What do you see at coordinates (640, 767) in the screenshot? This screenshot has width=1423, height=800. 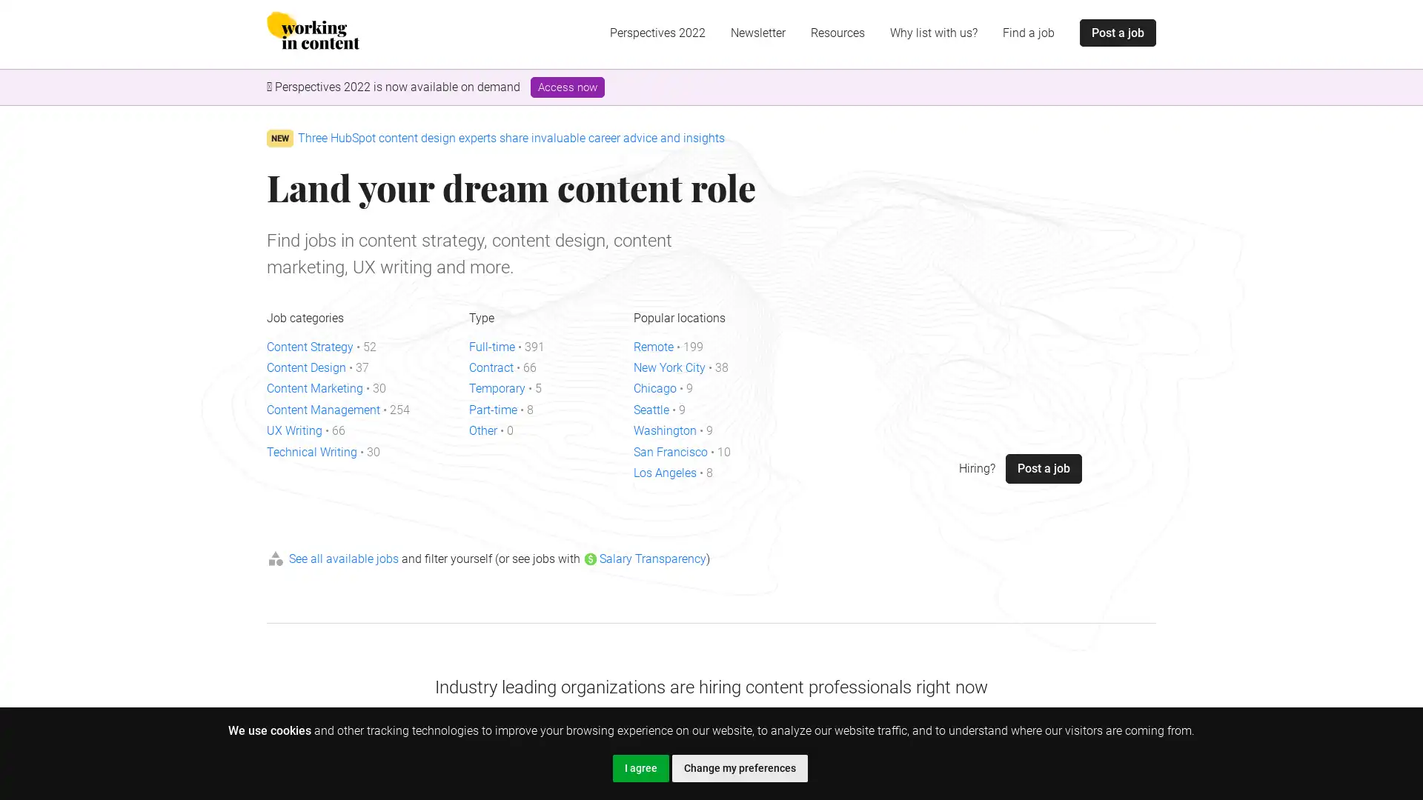 I see `I agree` at bounding box center [640, 767].